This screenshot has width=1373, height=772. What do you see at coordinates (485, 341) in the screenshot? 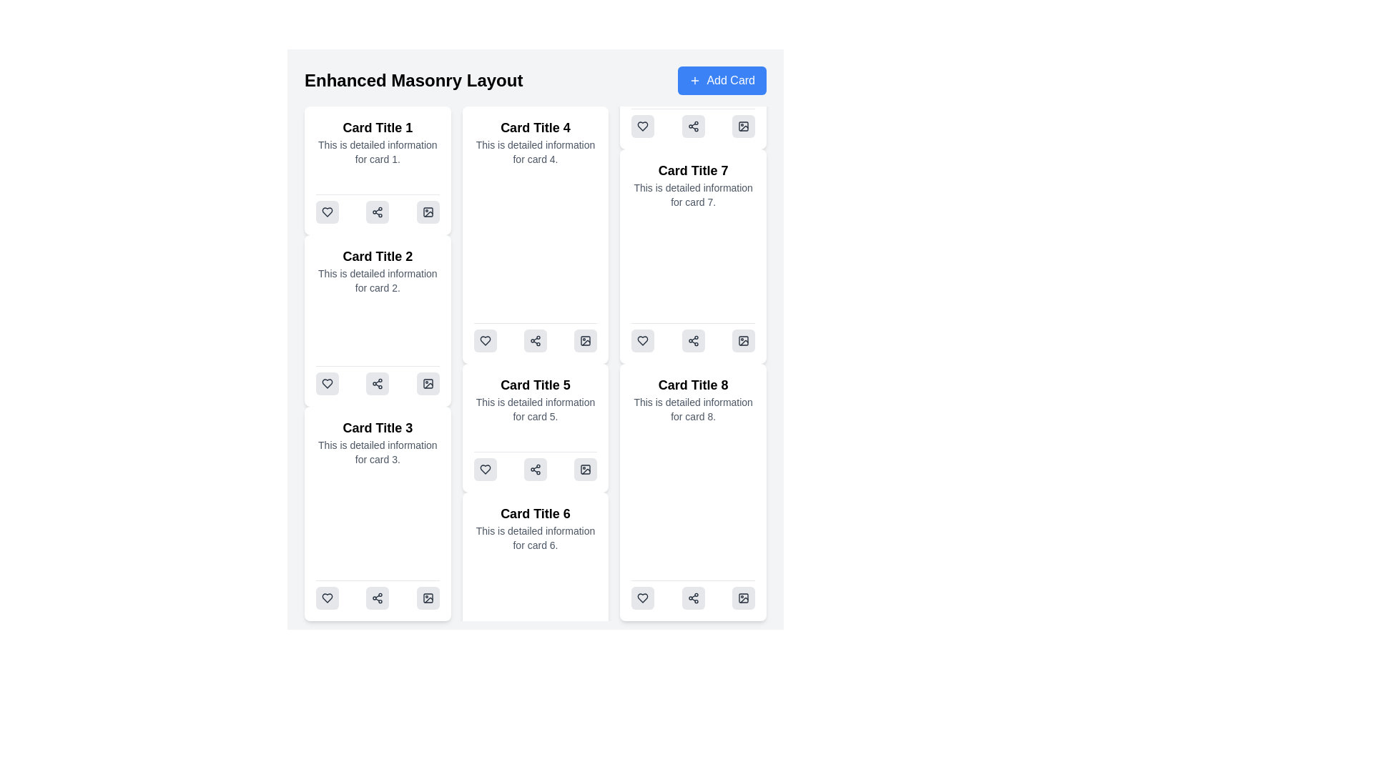
I see `the square-shaped button with a light gray background and rounded corners, which contains an outlined heart icon, located under the 'Card Title 4' section as the first button in a row of three interactive buttons` at bounding box center [485, 341].